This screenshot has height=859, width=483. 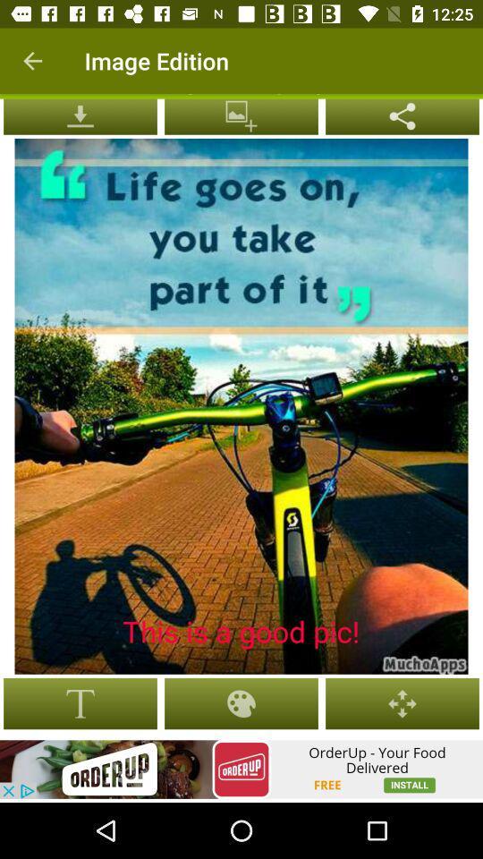 What do you see at coordinates (241, 769) in the screenshot?
I see `advertisement` at bounding box center [241, 769].